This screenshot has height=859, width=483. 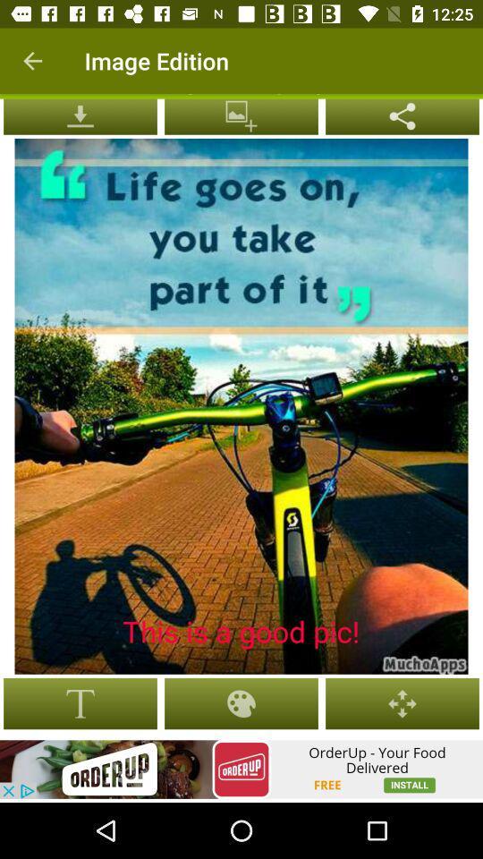 What do you see at coordinates (241, 769) in the screenshot?
I see `advertisement` at bounding box center [241, 769].